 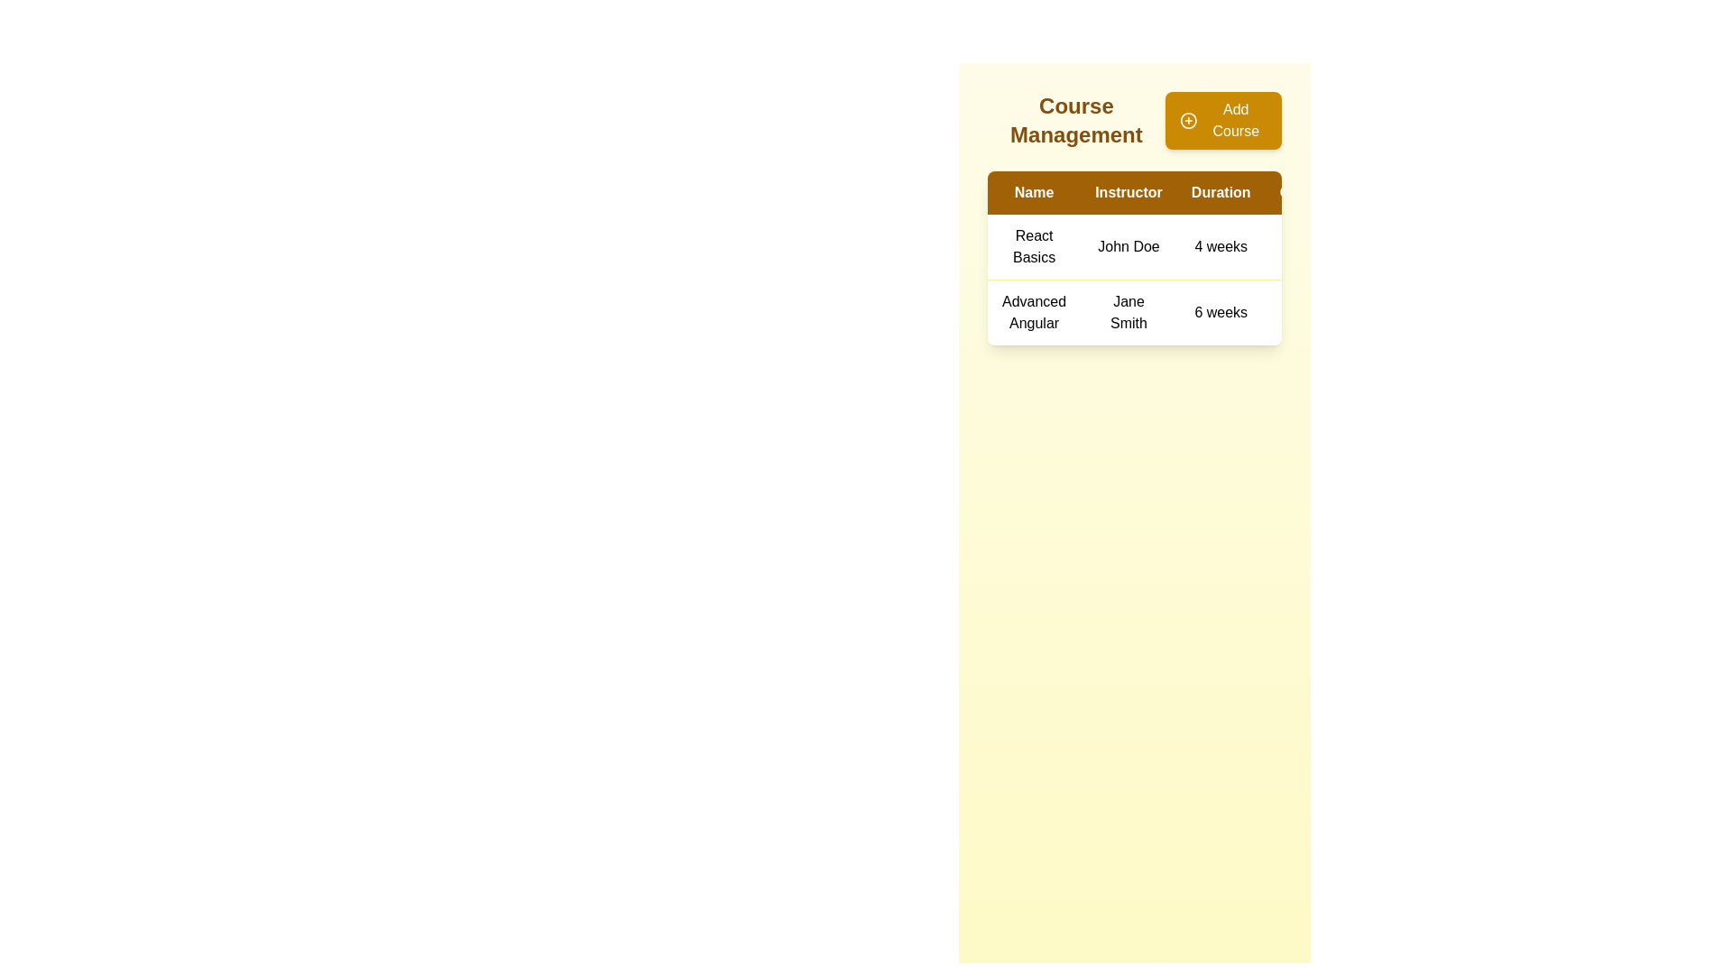 What do you see at coordinates (1221, 247) in the screenshot?
I see `text '4 weeks' located in the first row, third column of the table under 'Duration' in the Course Management section` at bounding box center [1221, 247].